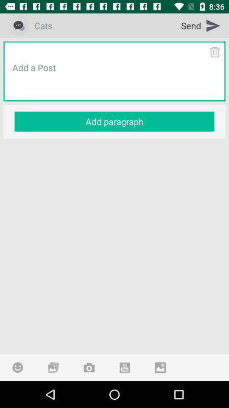 The height and width of the screenshot is (408, 229). What do you see at coordinates (114, 78) in the screenshot?
I see `the icon above the add paragraph icon` at bounding box center [114, 78].